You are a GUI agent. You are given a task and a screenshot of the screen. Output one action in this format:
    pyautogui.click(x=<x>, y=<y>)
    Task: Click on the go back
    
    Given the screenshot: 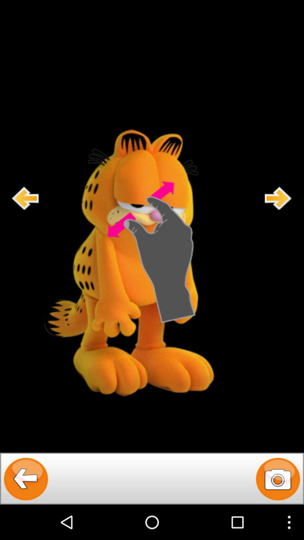 What is the action you would take?
    pyautogui.click(x=25, y=198)
    